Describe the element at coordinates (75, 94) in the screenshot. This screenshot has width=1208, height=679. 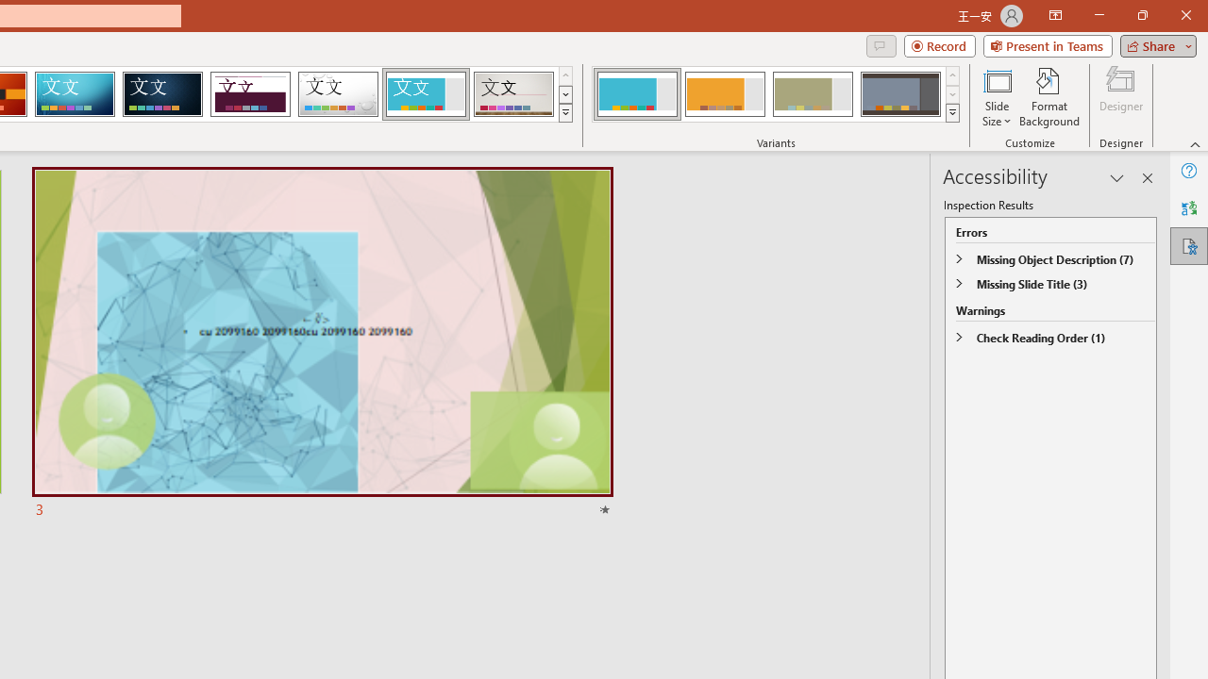
I see `'Circuit'` at that location.